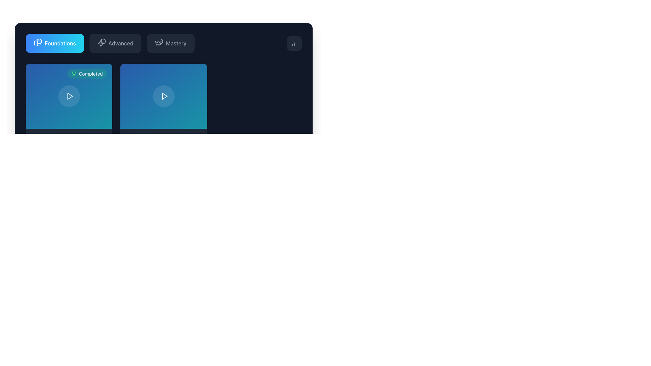  What do you see at coordinates (164, 124) in the screenshot?
I see `the interactive card with a play button design located in the second column of the grid layout, positioned to the right of the 'Completed' card` at bounding box center [164, 124].